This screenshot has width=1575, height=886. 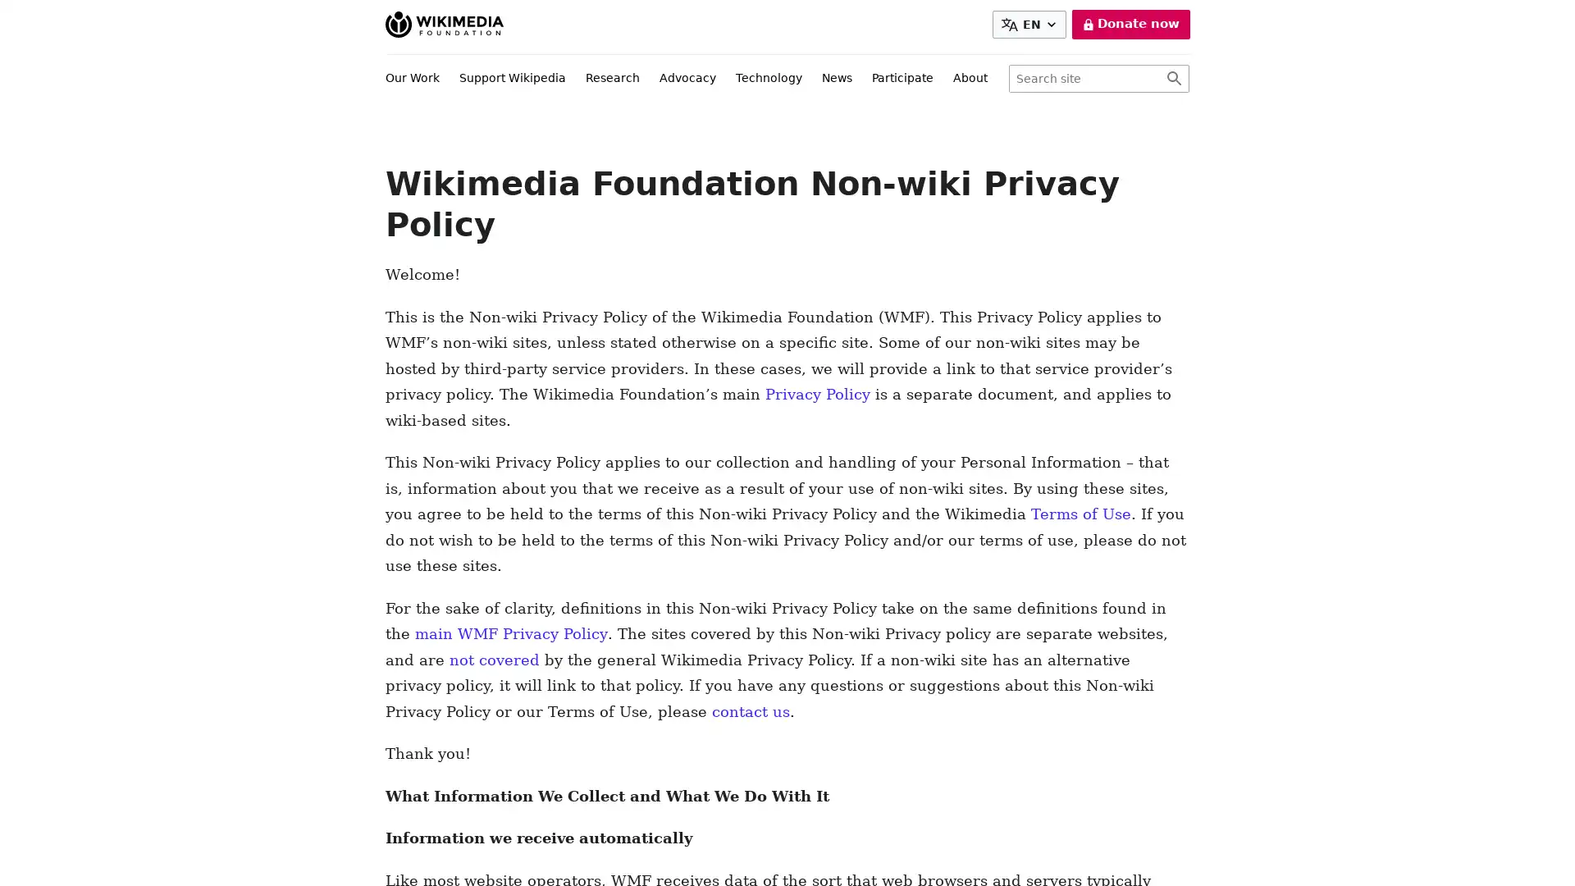 What do you see at coordinates (1173, 79) in the screenshot?
I see `Search` at bounding box center [1173, 79].